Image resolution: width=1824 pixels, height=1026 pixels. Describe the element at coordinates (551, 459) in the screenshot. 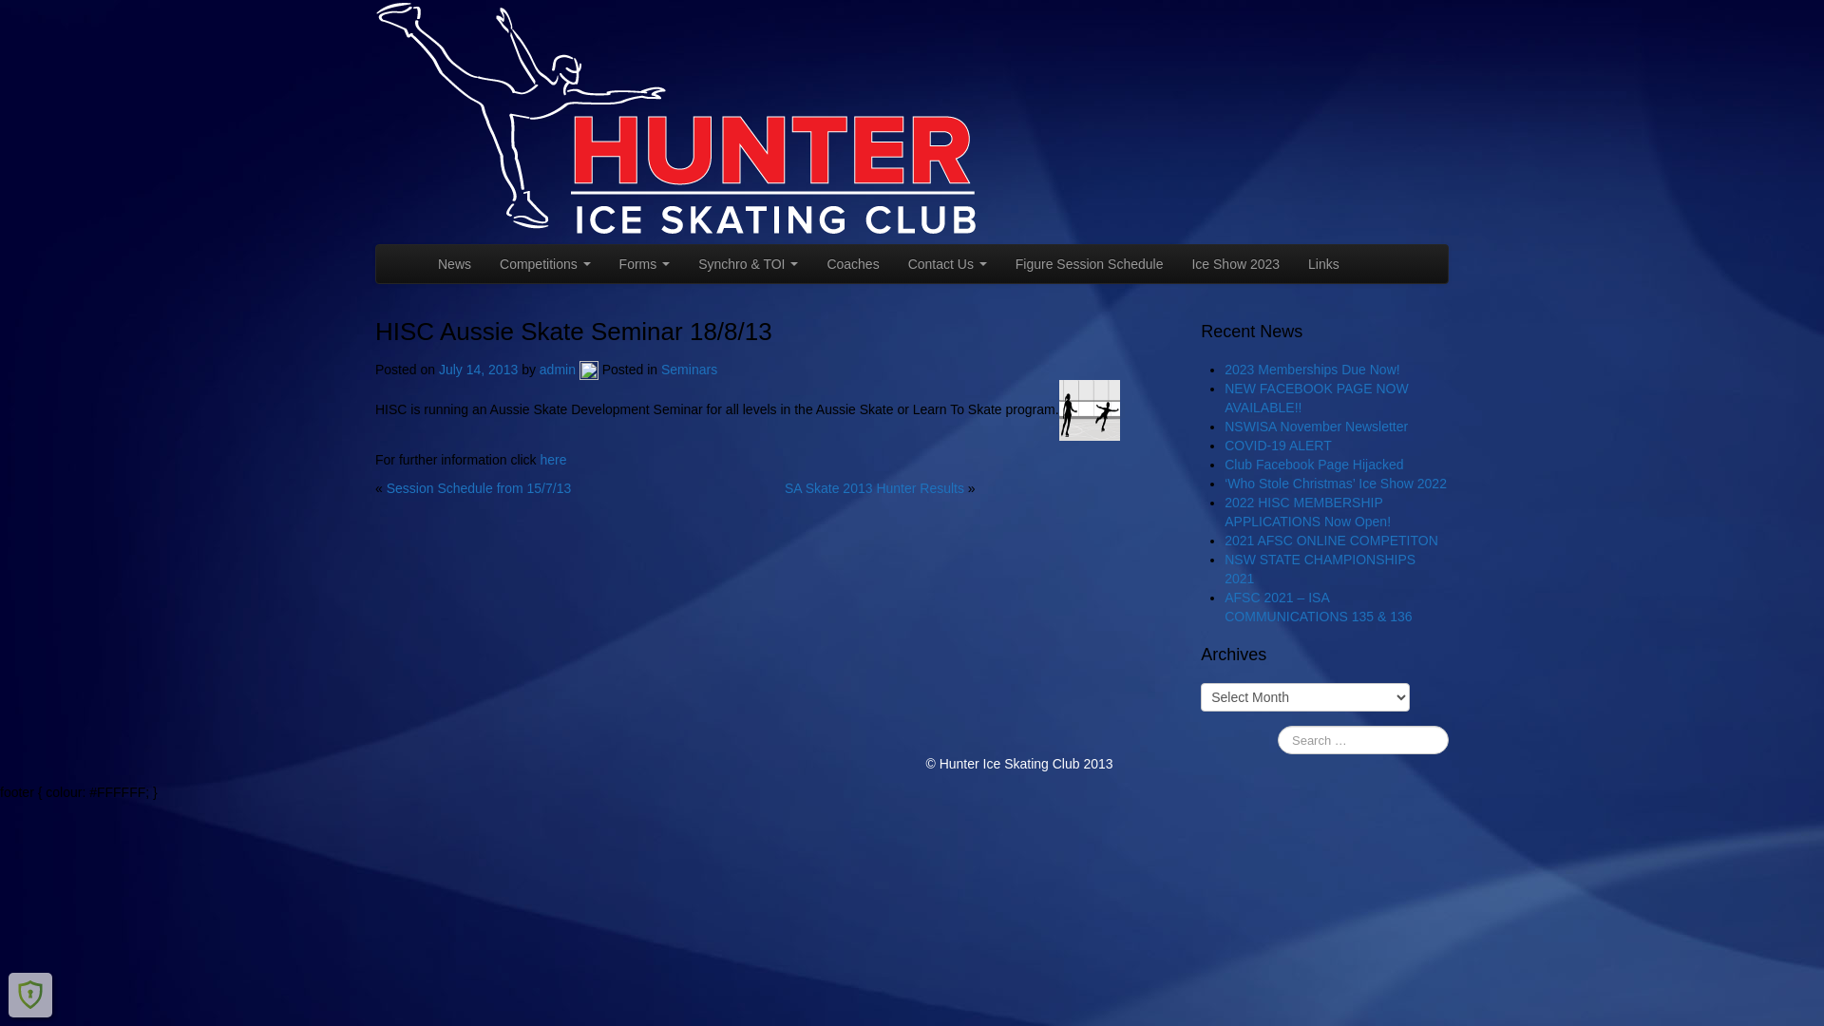

I see `'here'` at that location.